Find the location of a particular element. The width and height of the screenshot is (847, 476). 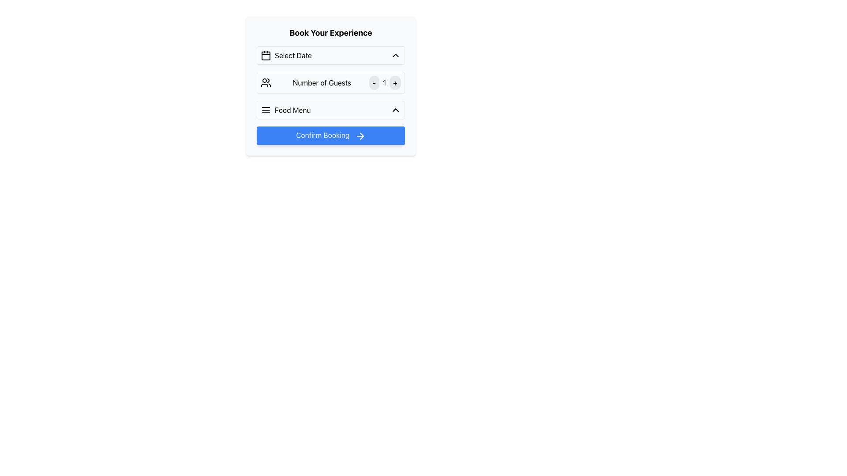

the rounded rectangular decorative graphic element within the calendar icon that represents the date picker feature in the booking form interface is located at coordinates (266, 56).